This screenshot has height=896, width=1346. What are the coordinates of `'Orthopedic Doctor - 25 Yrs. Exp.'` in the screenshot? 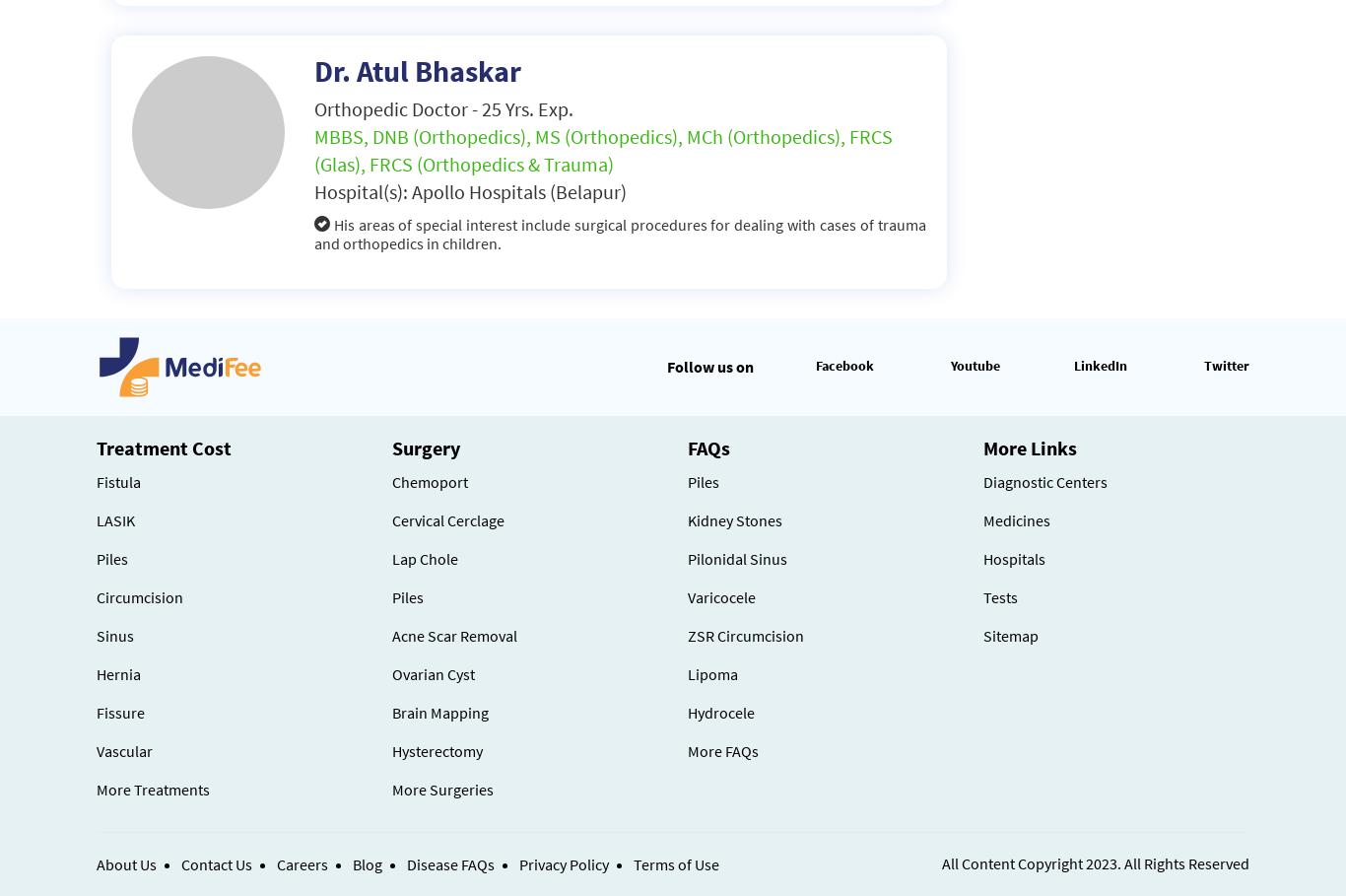 It's located at (313, 107).